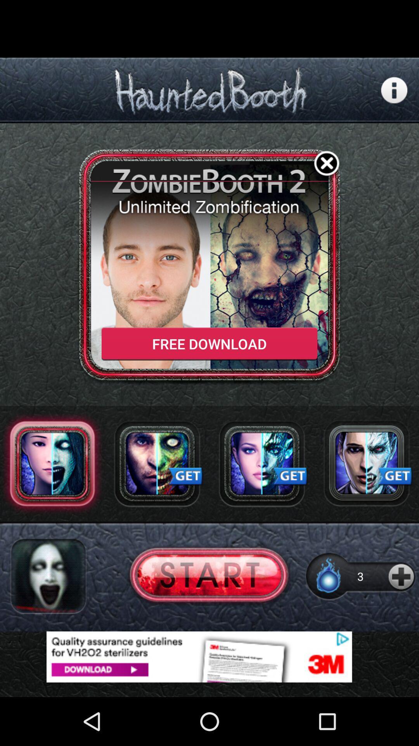  Describe the element at coordinates (367, 464) in the screenshot. I see `press button to get app/functionality` at that location.